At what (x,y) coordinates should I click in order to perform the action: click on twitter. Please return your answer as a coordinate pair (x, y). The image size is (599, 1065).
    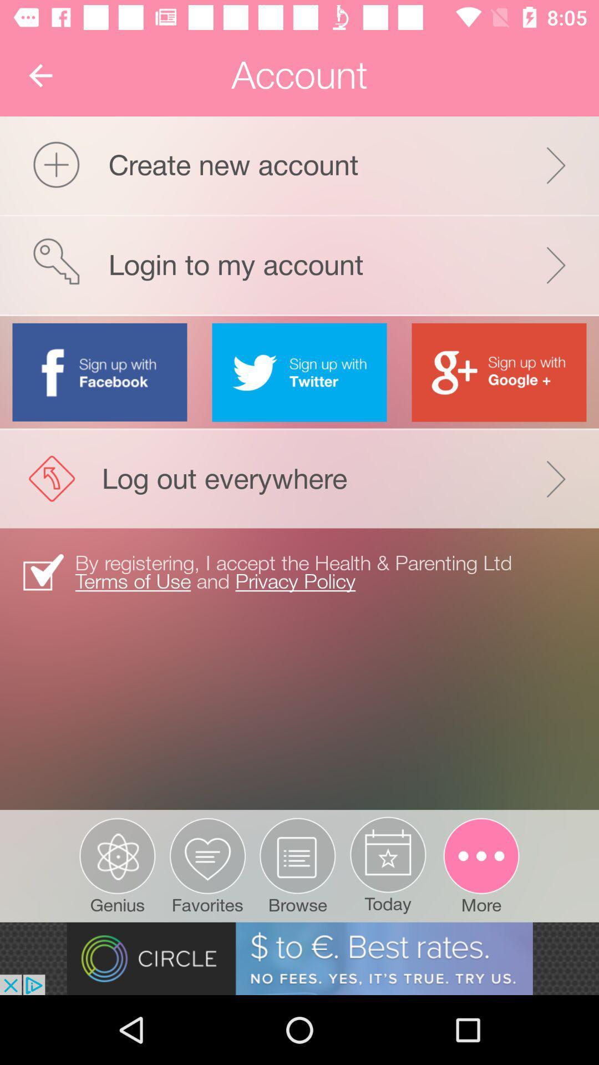
    Looking at the image, I should click on (299, 372).